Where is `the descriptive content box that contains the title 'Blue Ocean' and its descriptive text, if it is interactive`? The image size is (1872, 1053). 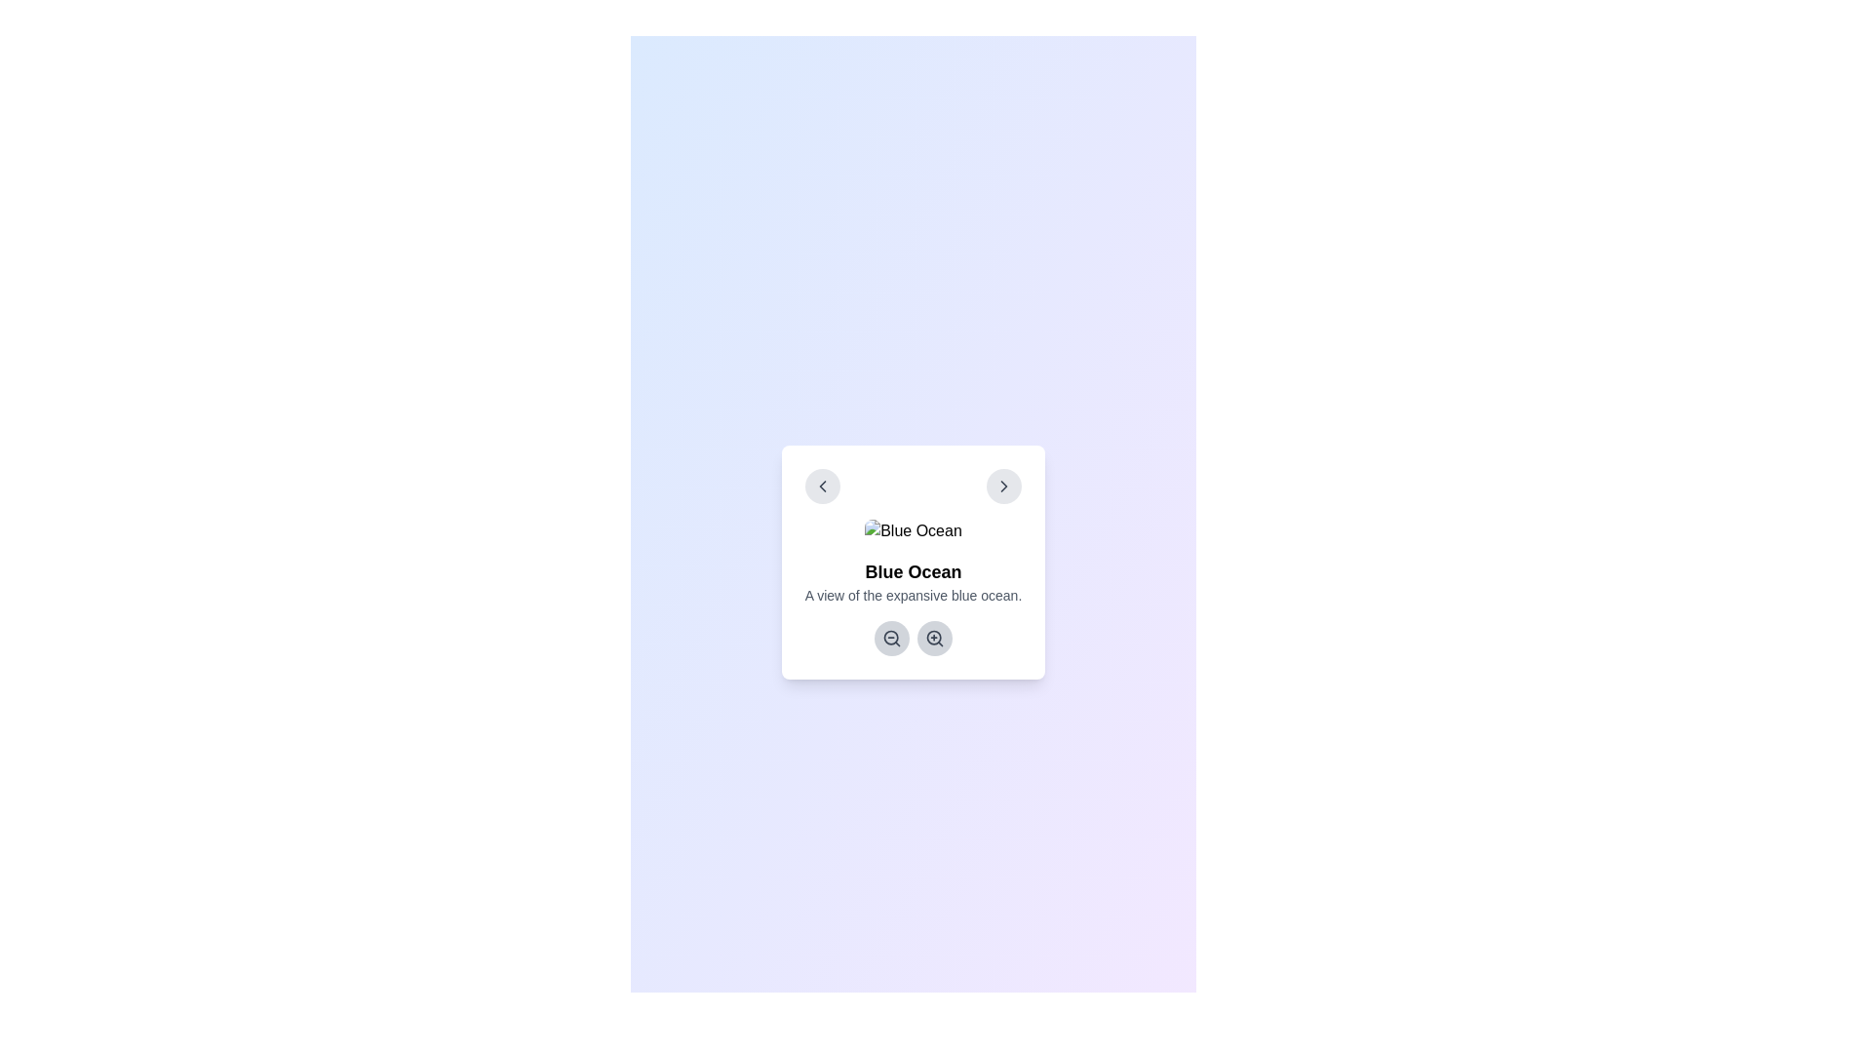 the descriptive content box that contains the title 'Blue Ocean' and its descriptive text, if it is interactive is located at coordinates (912, 563).